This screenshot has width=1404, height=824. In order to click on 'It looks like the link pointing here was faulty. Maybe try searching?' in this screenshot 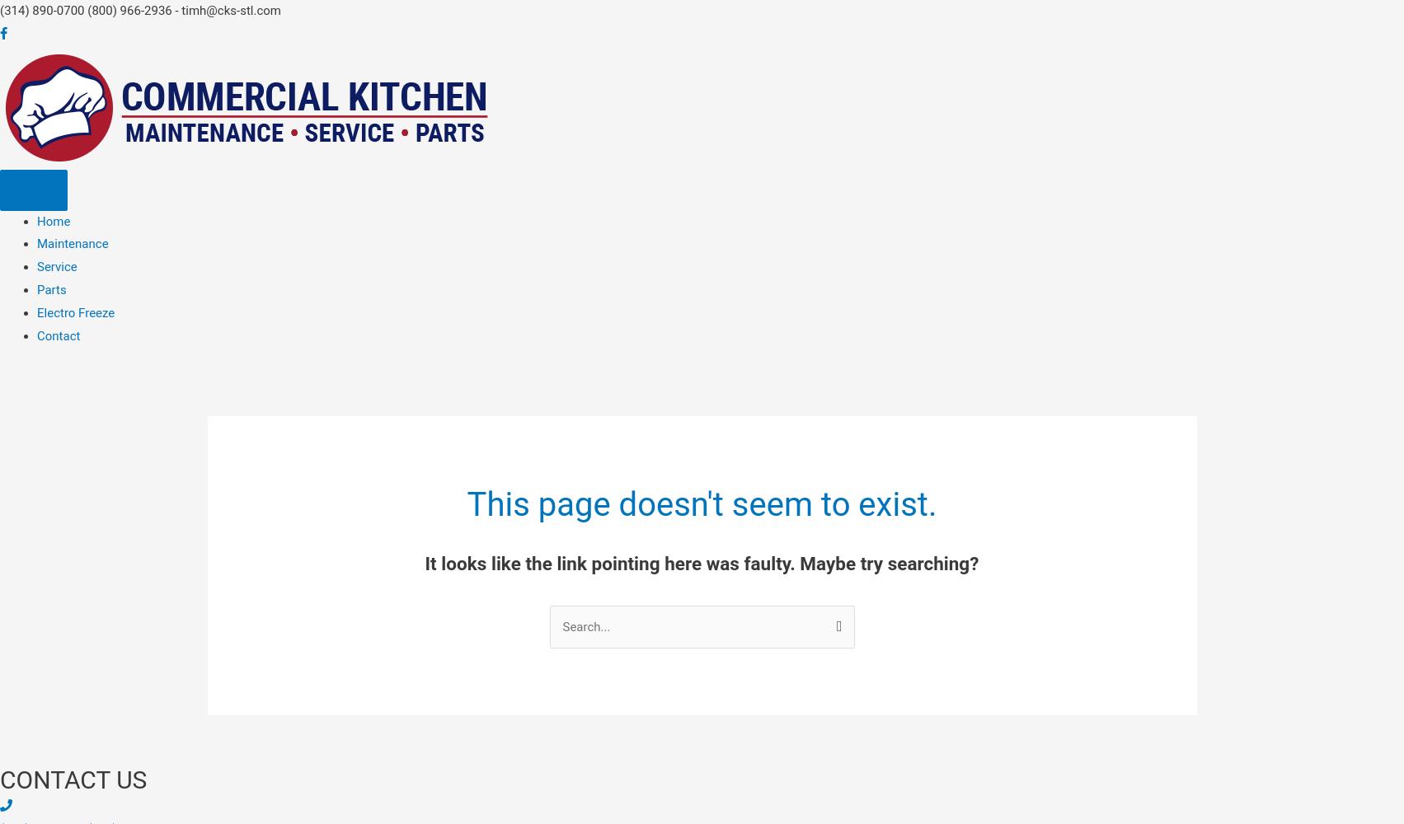, I will do `click(701, 563)`.